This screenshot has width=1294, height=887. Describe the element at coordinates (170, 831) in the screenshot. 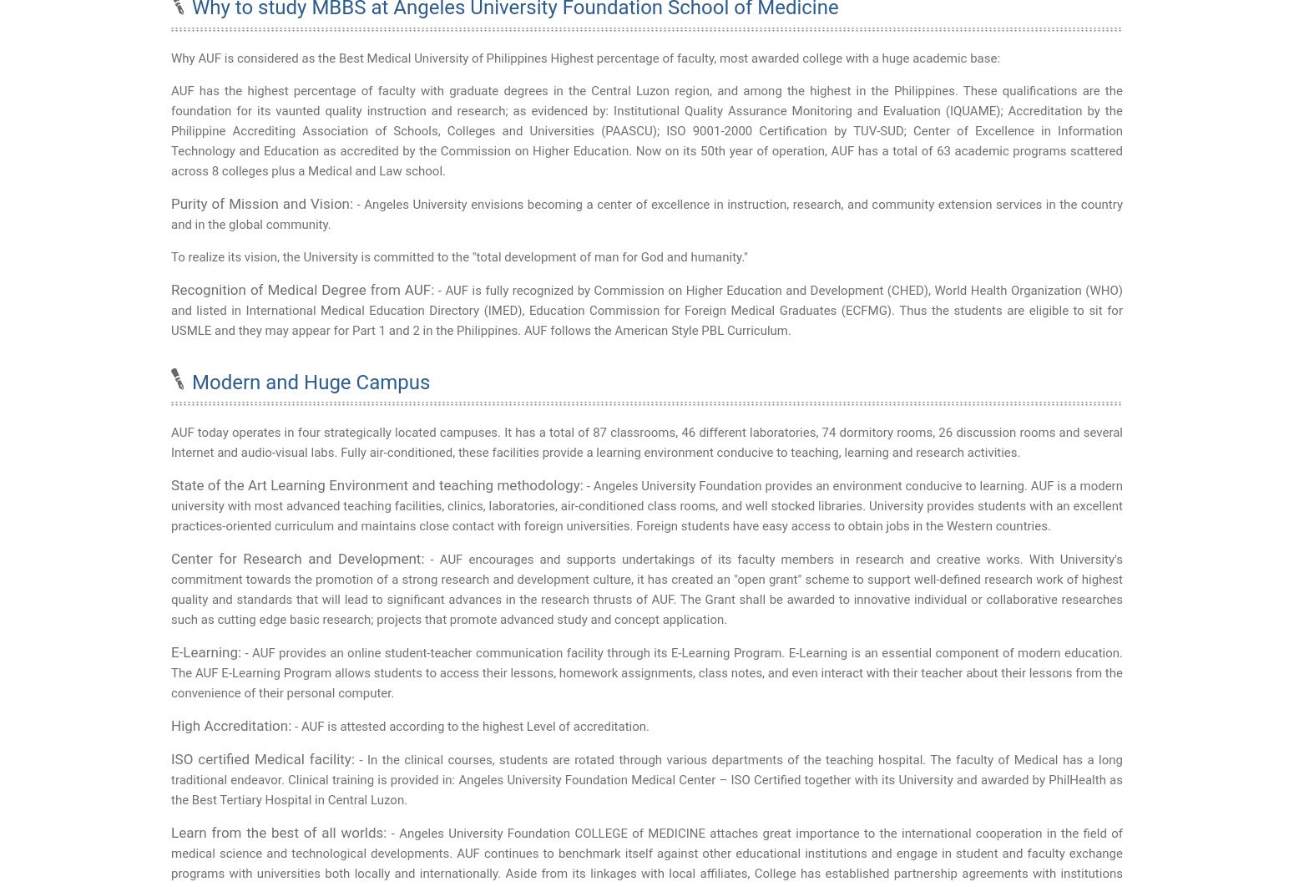

I see `'Learn from the best of all worlds:'` at that location.